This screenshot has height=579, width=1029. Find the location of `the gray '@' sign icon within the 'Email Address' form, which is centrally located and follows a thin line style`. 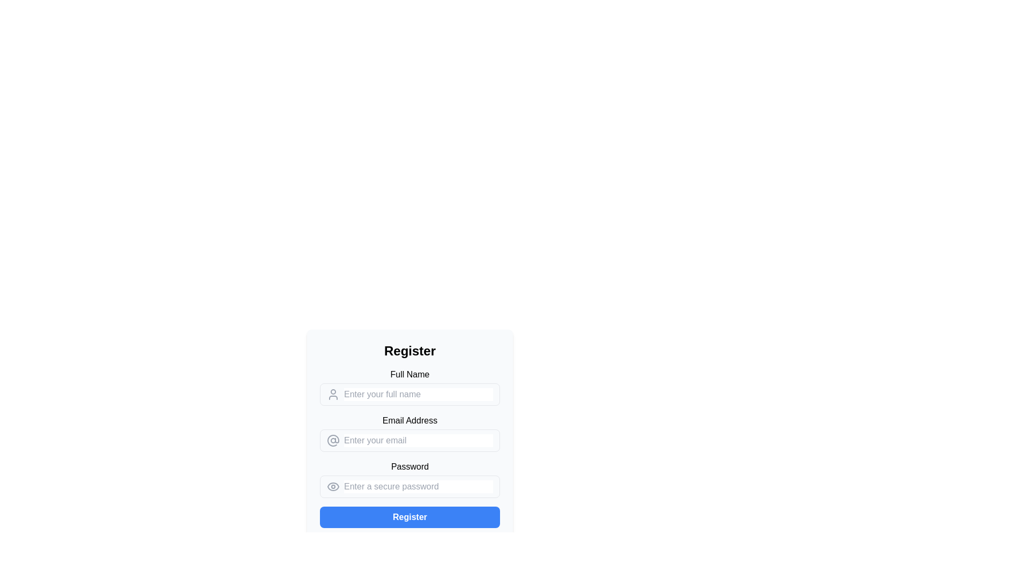

the gray '@' sign icon within the 'Email Address' form, which is centrally located and follows a thin line style is located at coordinates (333, 440).